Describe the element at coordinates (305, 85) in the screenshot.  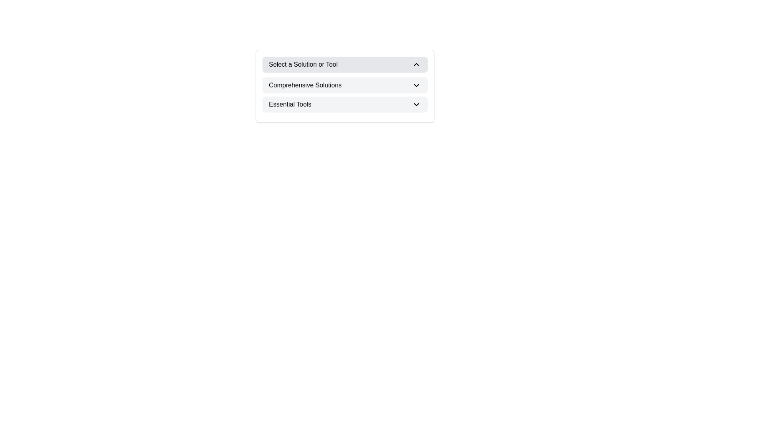
I see `the text label displaying 'Comprehensive Solutions' which is positioned in a vertical list below 'Select a Solution or Tool' and above 'Essential Tools'` at that location.